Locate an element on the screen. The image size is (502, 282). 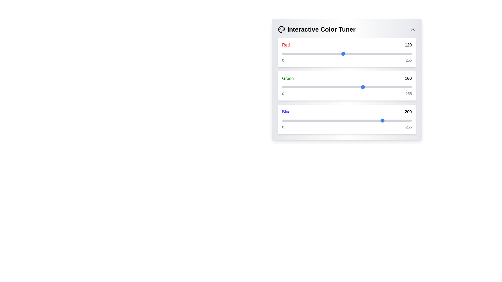
the numeric text label displaying '255' that is located to the right of the horizontal slider in the 'Blue' section of the 'Interactive Color Tuner' panel is located at coordinates (408, 93).